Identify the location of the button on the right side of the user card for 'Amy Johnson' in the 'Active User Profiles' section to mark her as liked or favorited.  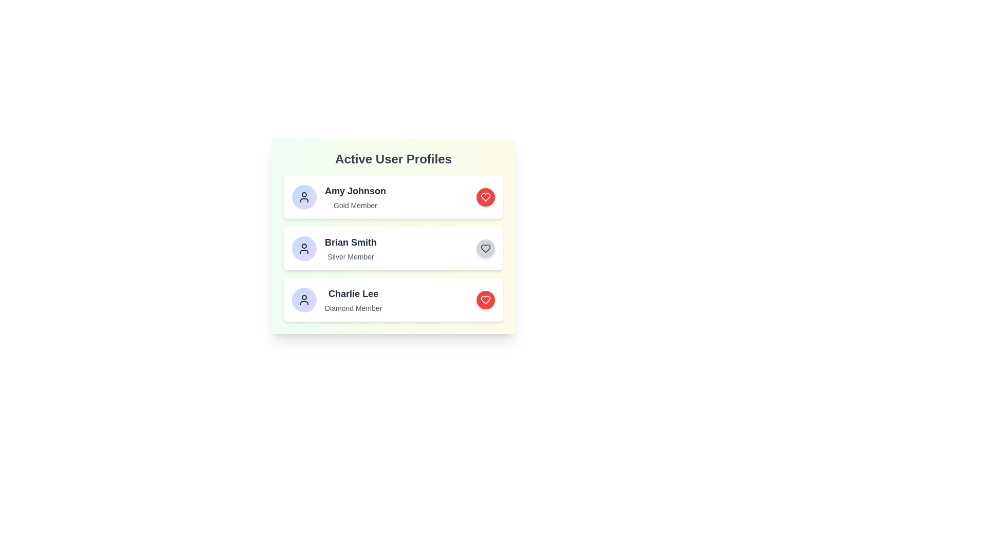
(485, 197).